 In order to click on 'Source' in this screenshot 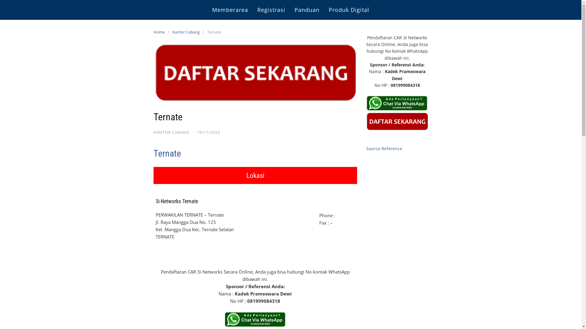, I will do `click(373, 148)`.